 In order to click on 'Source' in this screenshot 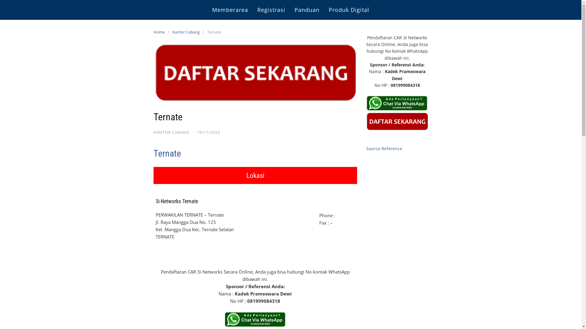, I will do `click(373, 148)`.